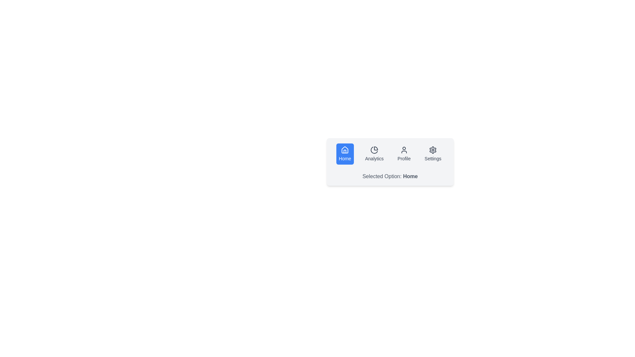 The height and width of the screenshot is (357, 635). What do you see at coordinates (403, 150) in the screenshot?
I see `the 'Profile' navigation icon` at bounding box center [403, 150].